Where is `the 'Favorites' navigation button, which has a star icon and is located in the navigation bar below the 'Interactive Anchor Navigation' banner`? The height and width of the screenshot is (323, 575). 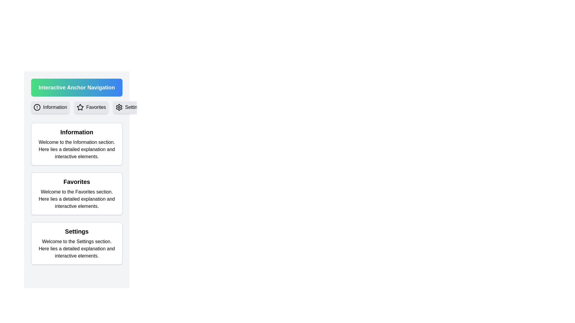
the 'Favorites' navigation button, which has a star icon and is located in the navigation bar below the 'Interactive Anchor Navigation' banner is located at coordinates (76, 107).